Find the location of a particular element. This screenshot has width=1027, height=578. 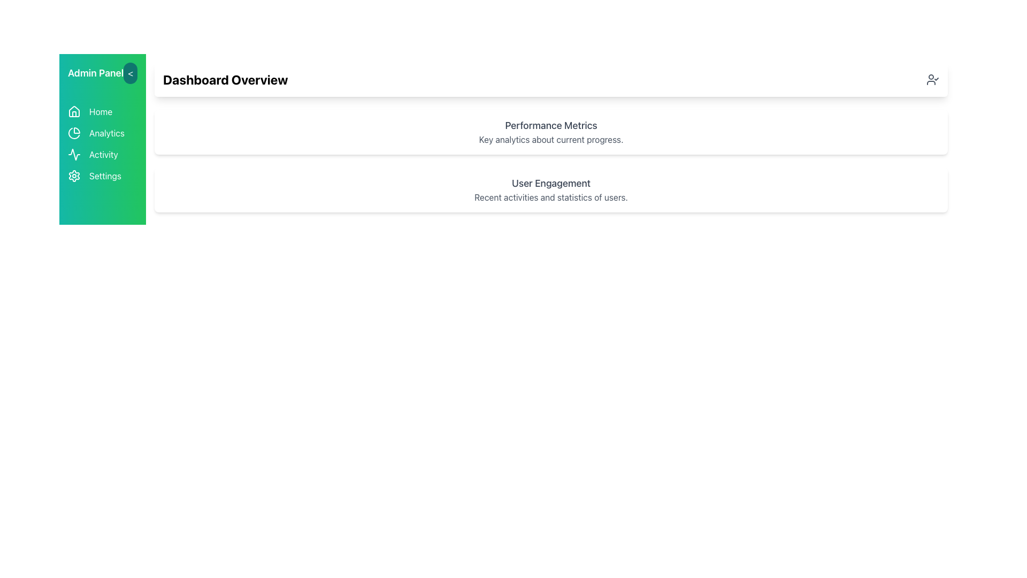

the Analytics icon in the vertical navigation menu is located at coordinates (74, 133).